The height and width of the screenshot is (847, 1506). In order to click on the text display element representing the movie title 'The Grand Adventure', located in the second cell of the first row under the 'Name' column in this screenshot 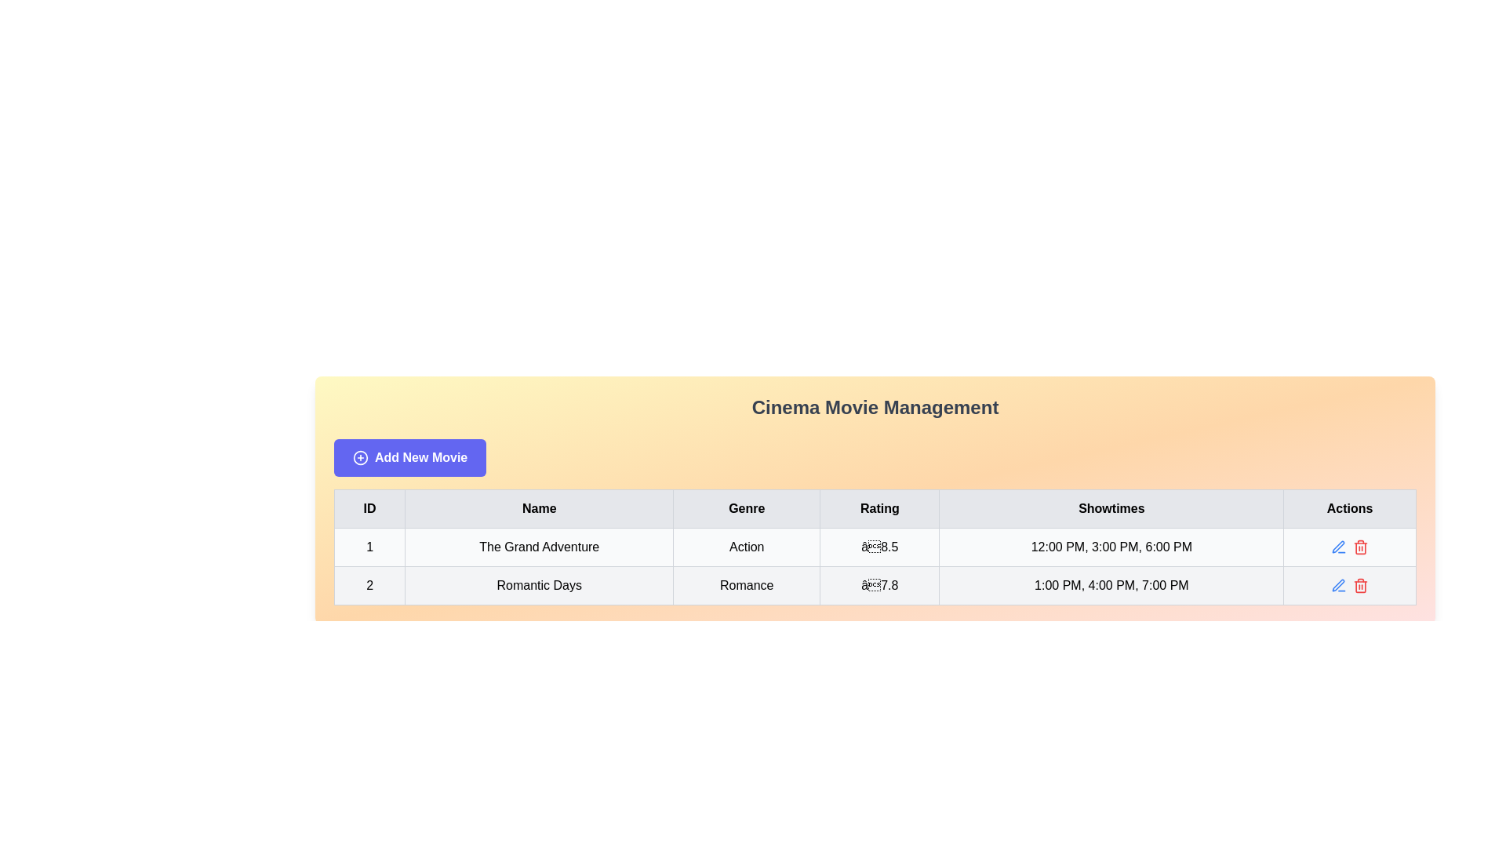, I will do `click(539, 547)`.